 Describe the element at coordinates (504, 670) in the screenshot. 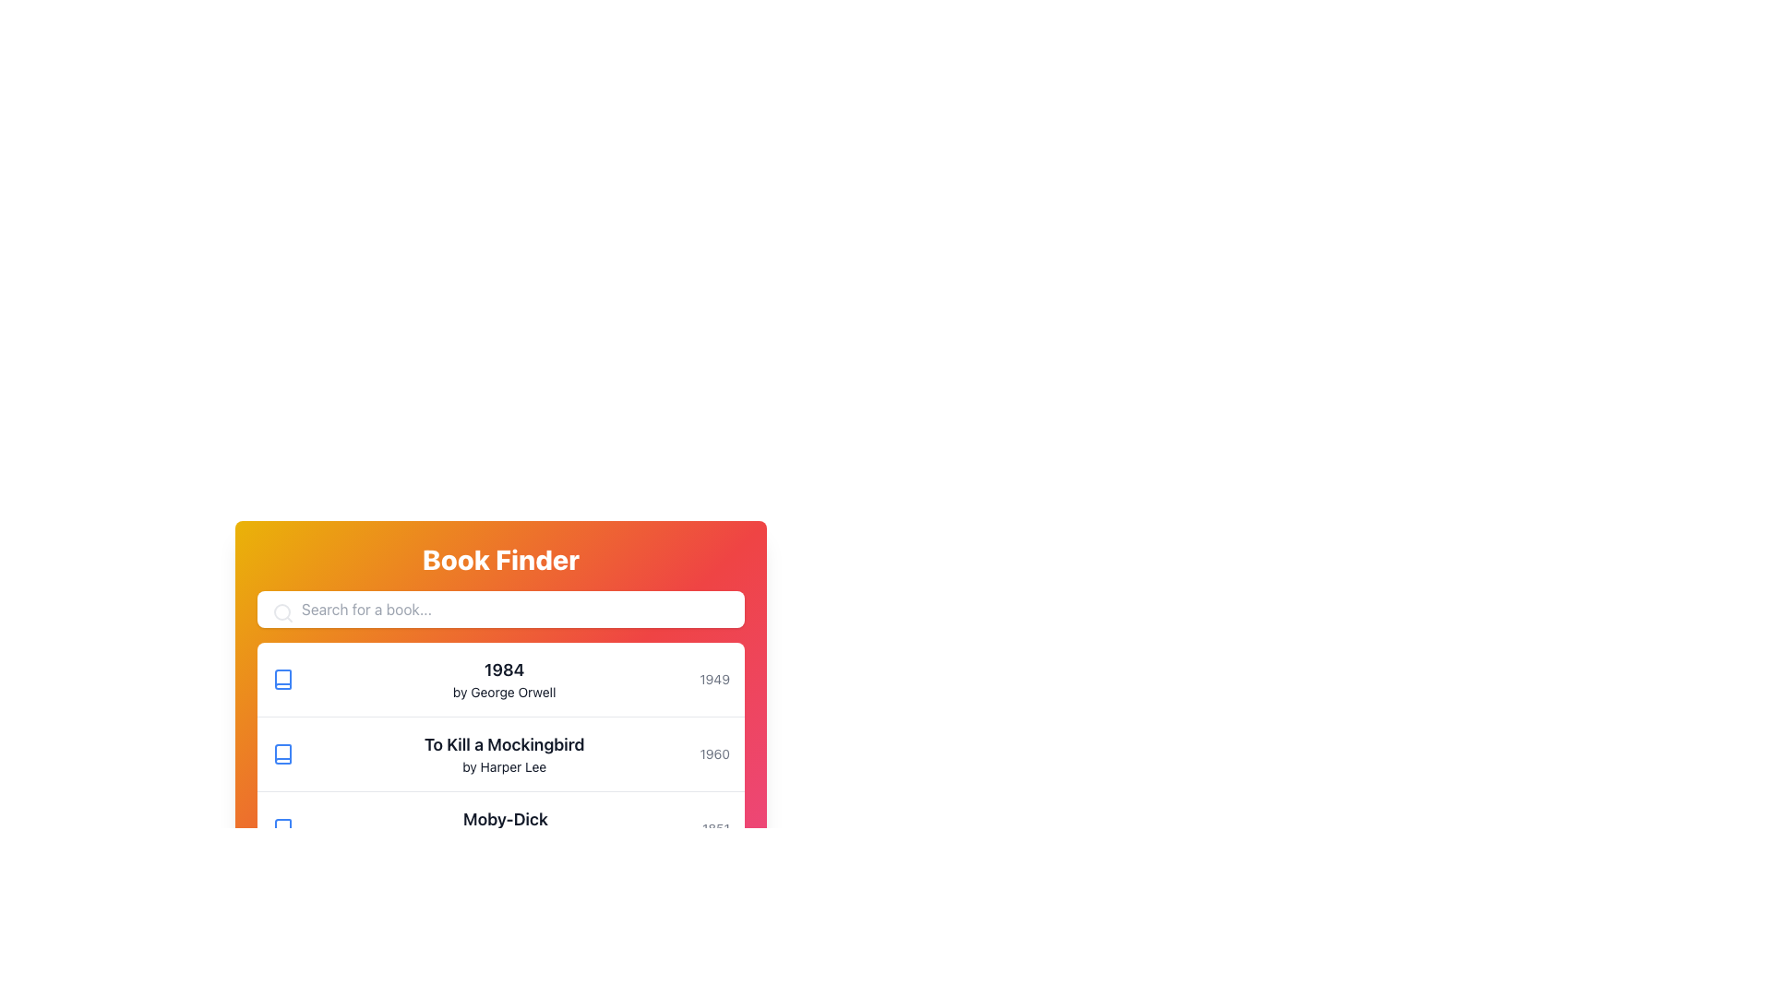

I see `the text label displaying '1984' in a large and bold font, which is part of the first book entry in the book search application` at that location.